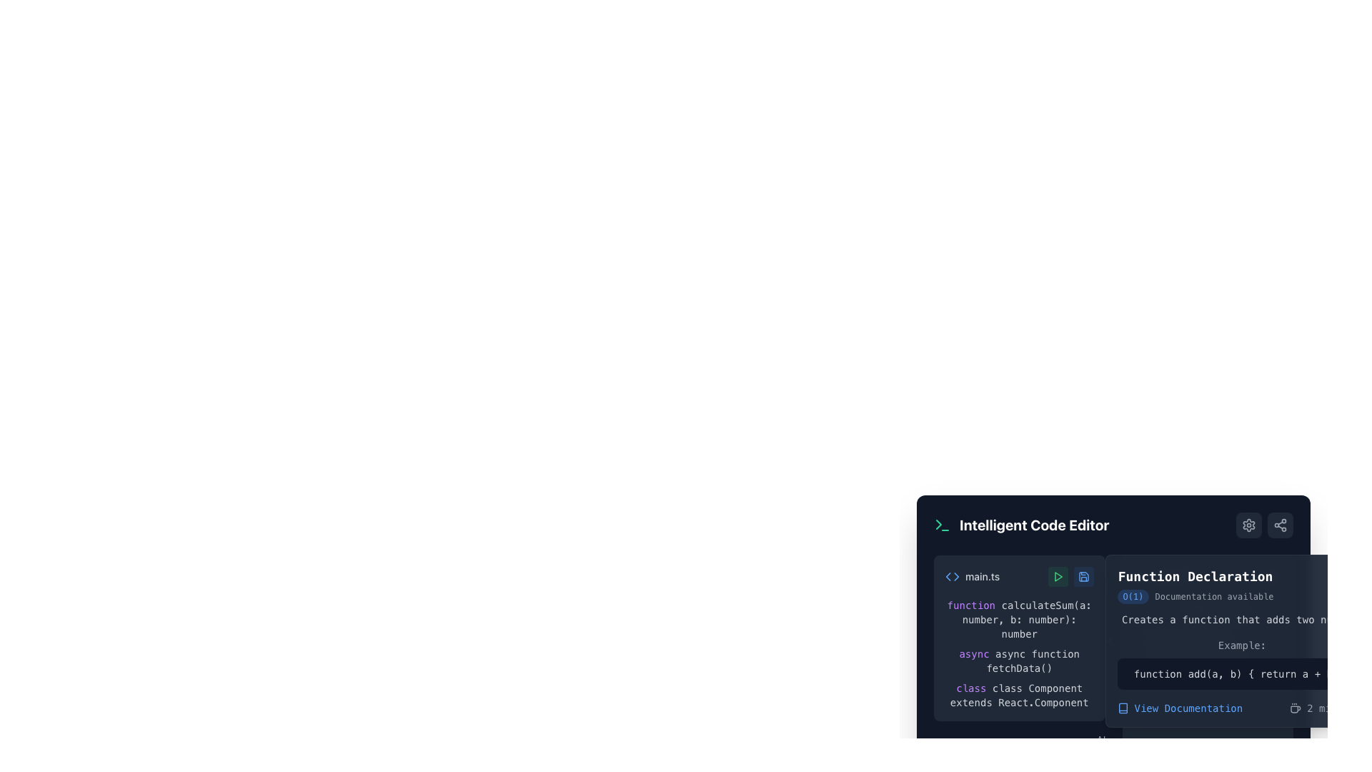  Describe the element at coordinates (1026, 619) in the screenshot. I see `the TypeScript function signature for 'calculateSum' with parameters 'a' and 'b' in the code editor, which is positioned after the 'function' keyword and spans horizontally across the middle portion of the editor` at that location.